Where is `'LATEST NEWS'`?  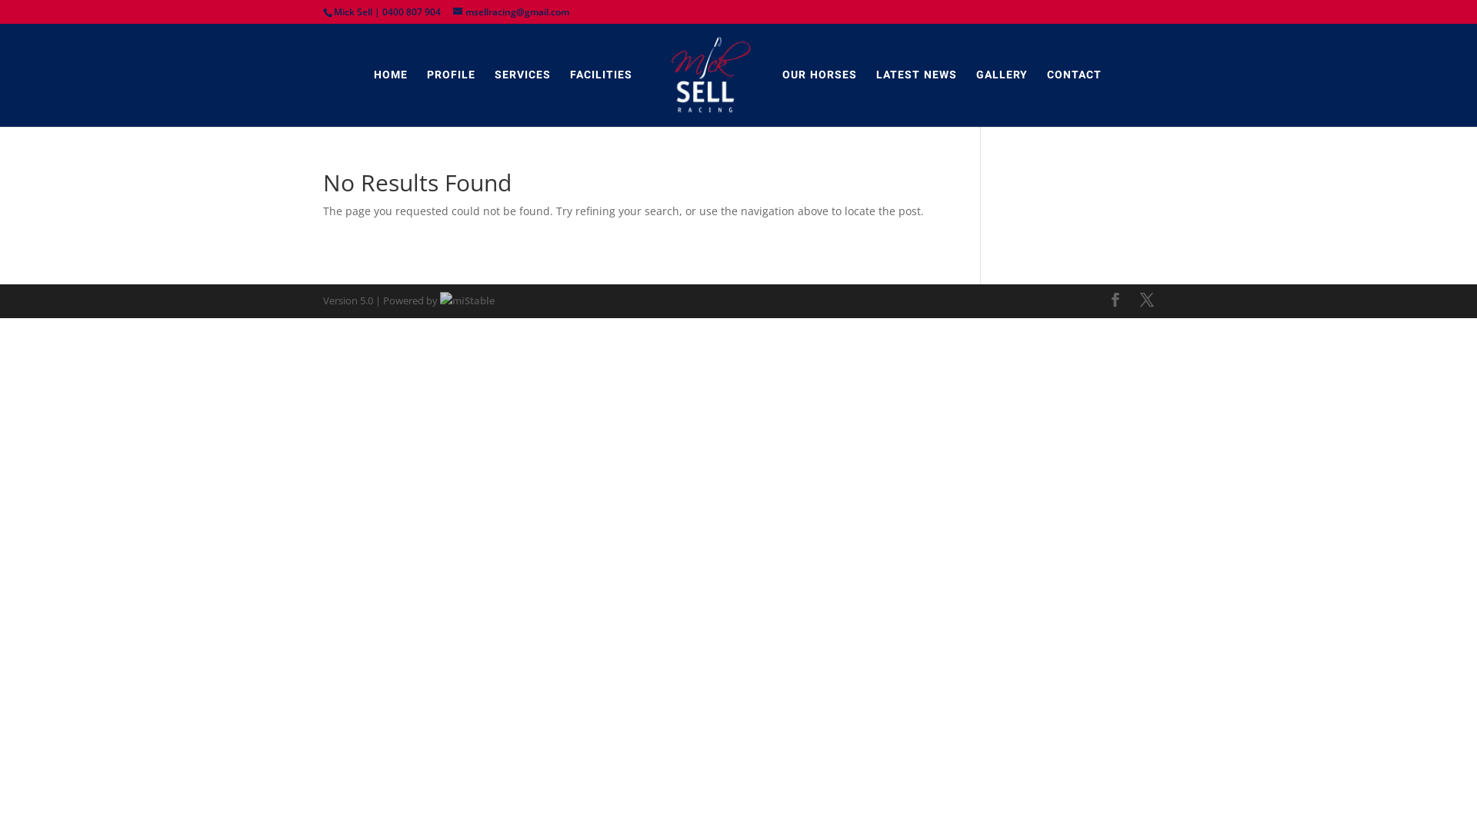 'LATEST NEWS' is located at coordinates (916, 75).